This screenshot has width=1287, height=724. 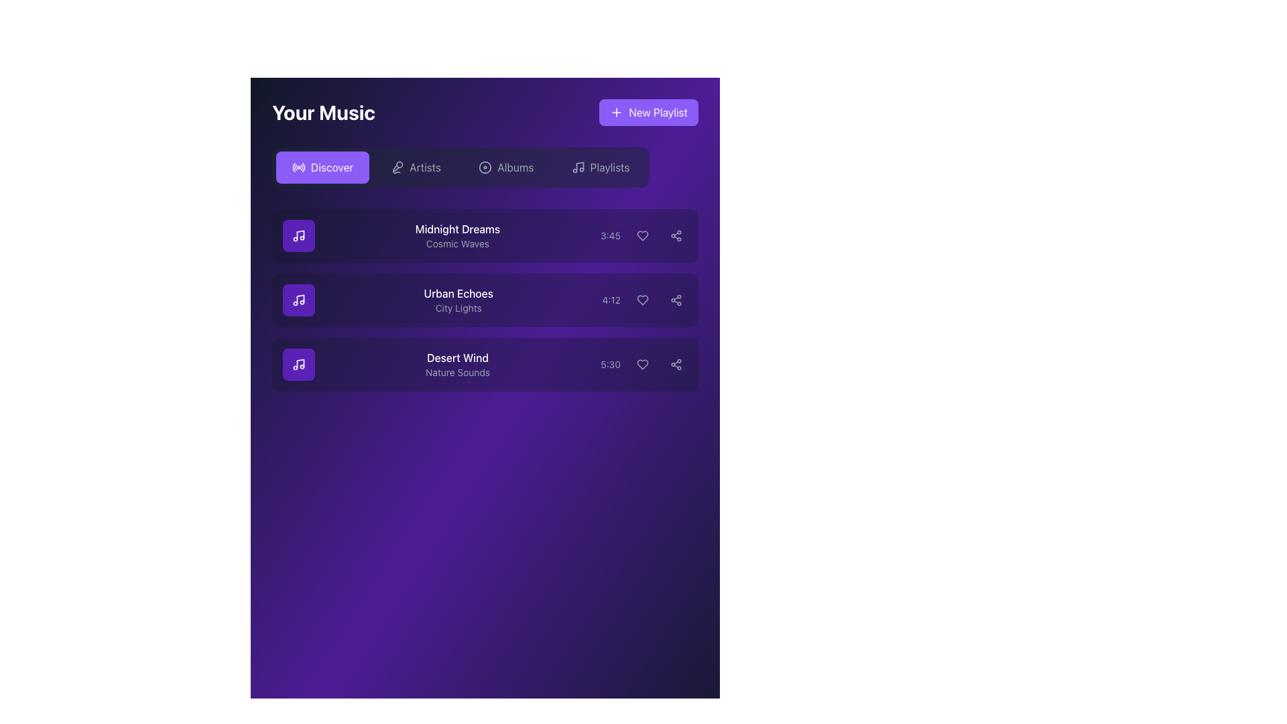 What do you see at coordinates (642, 364) in the screenshot?
I see `the heart-shaped icon located to the right of the 'Desert Wind' track row within the music list panel` at bounding box center [642, 364].